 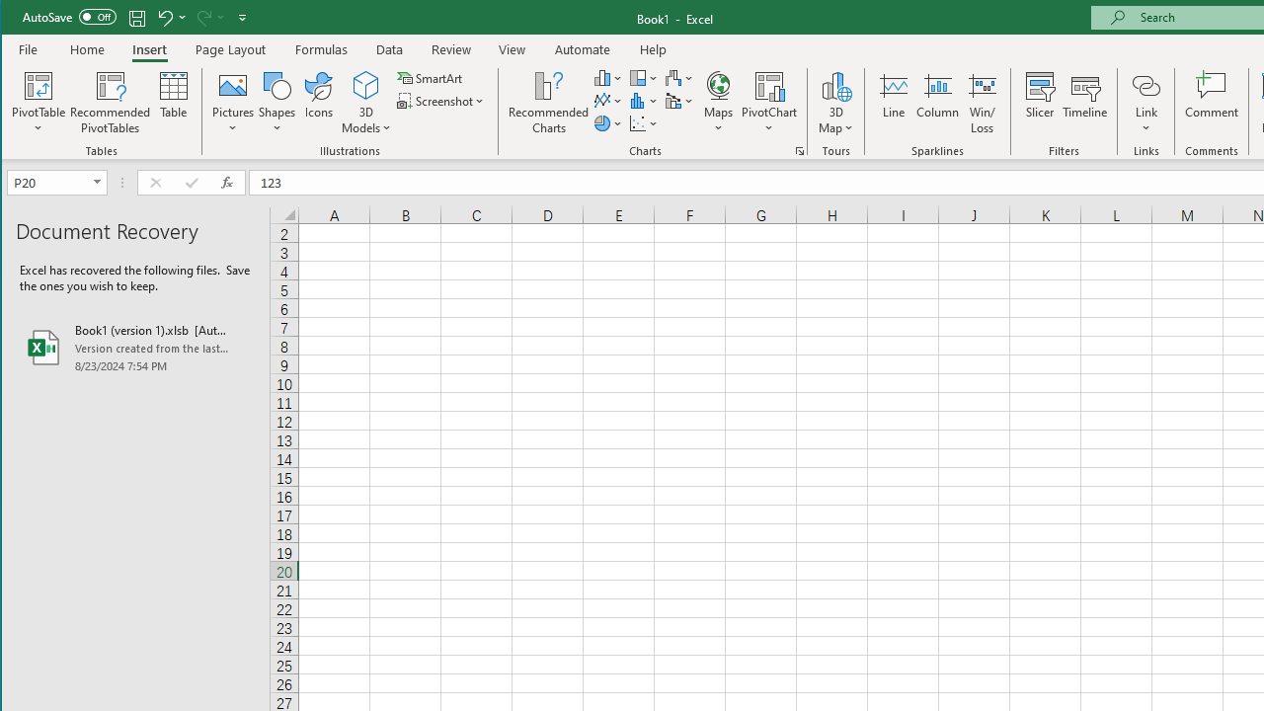 What do you see at coordinates (39, 103) in the screenshot?
I see `'PivotTable'` at bounding box center [39, 103].